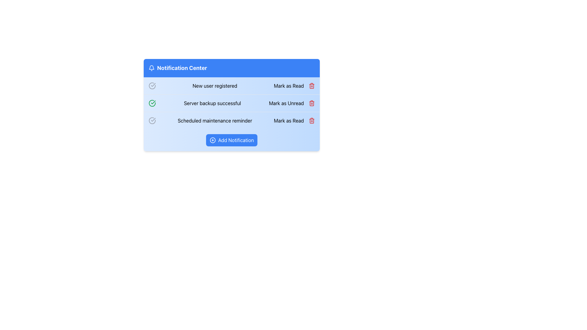  I want to click on the Notification List Item that indicates 'Server backup successful', so click(231, 103).